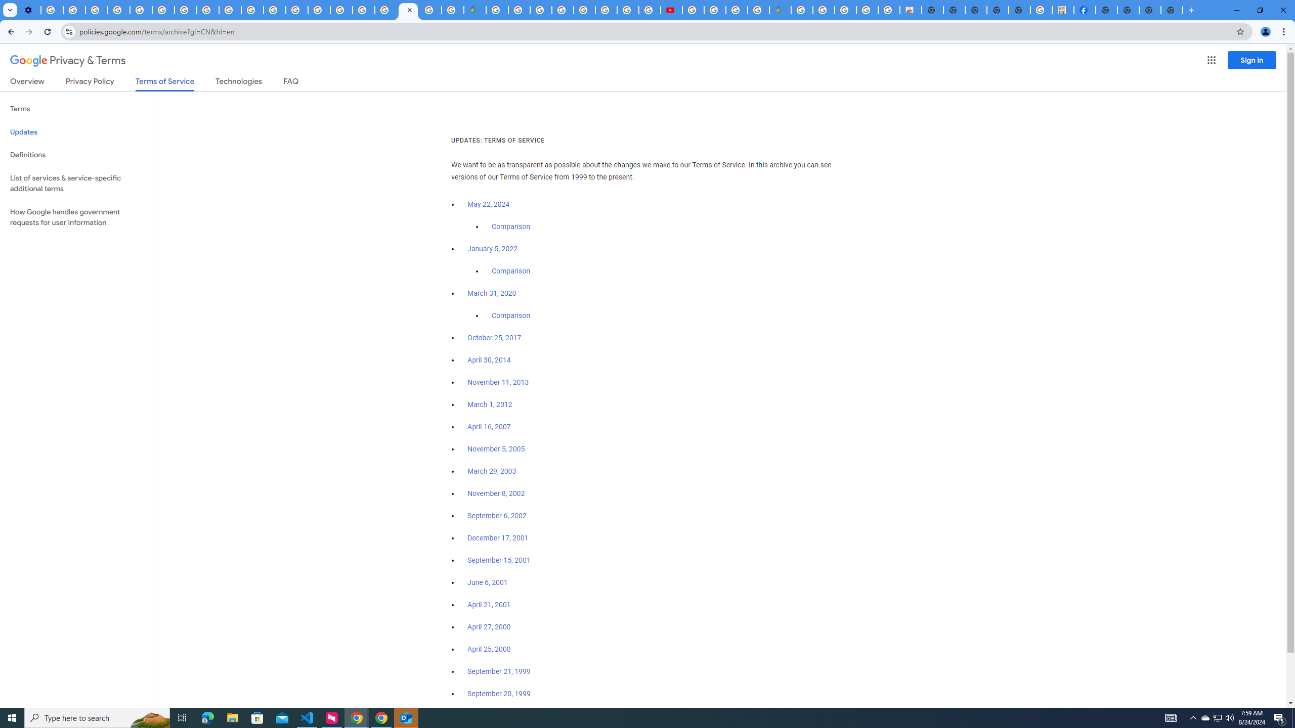  Describe the element at coordinates (489, 205) in the screenshot. I see `'May 22, 2024'` at that location.